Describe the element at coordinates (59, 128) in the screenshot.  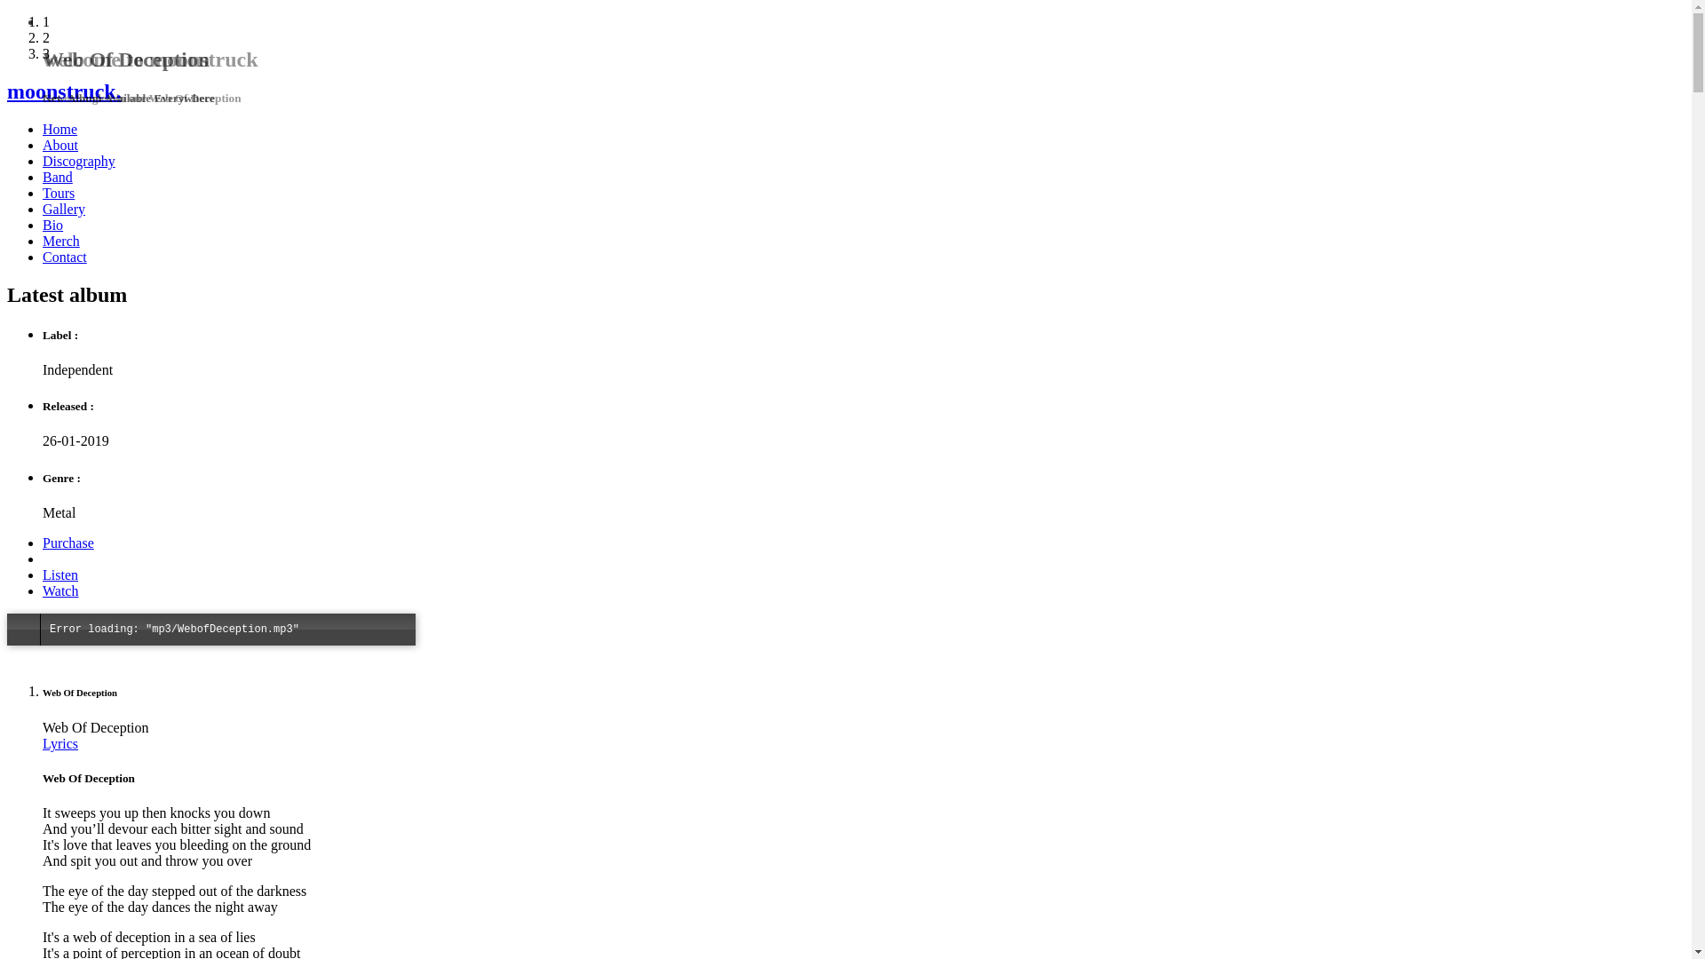
I see `'Home'` at that location.